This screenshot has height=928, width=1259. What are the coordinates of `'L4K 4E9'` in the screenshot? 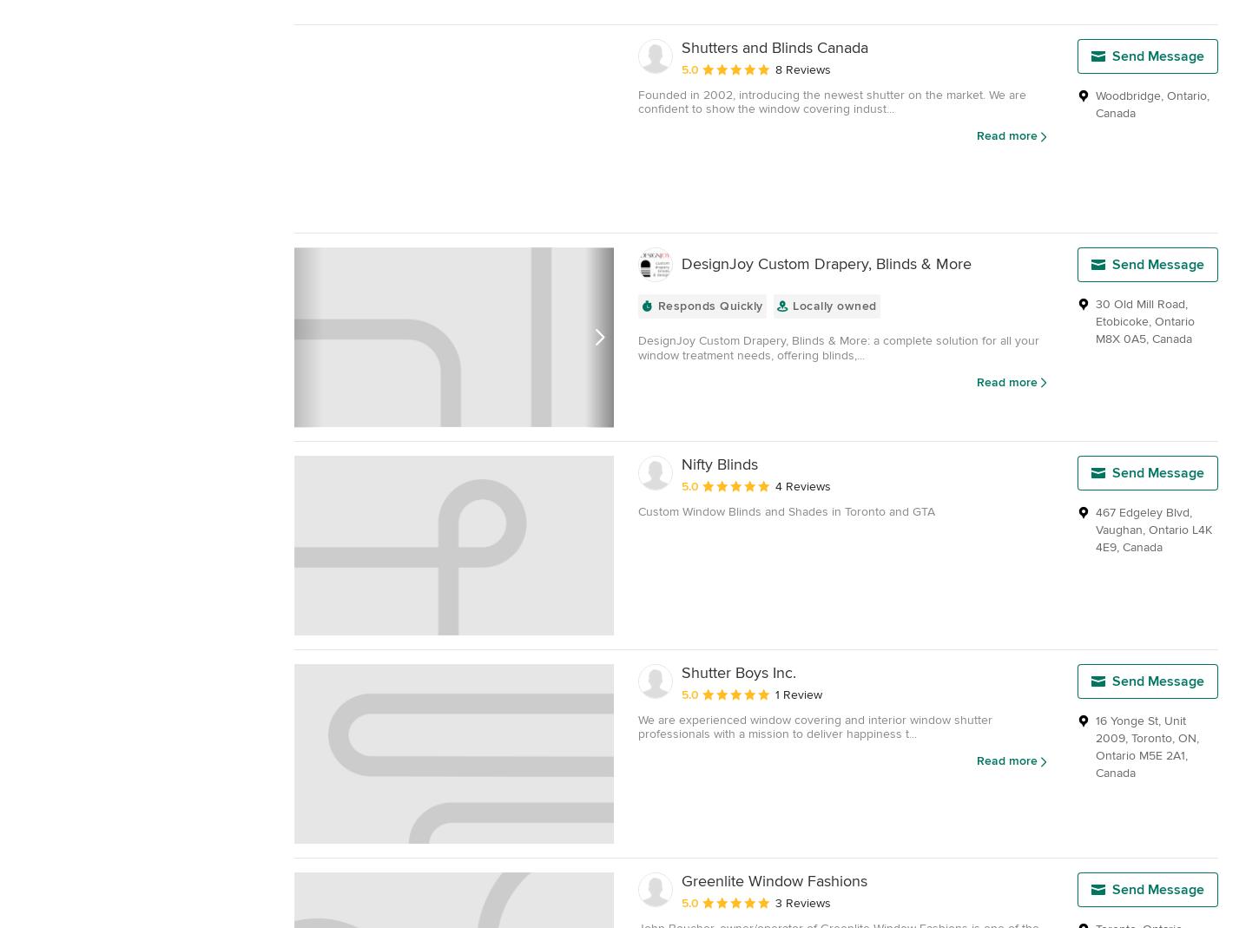 It's located at (1154, 538).